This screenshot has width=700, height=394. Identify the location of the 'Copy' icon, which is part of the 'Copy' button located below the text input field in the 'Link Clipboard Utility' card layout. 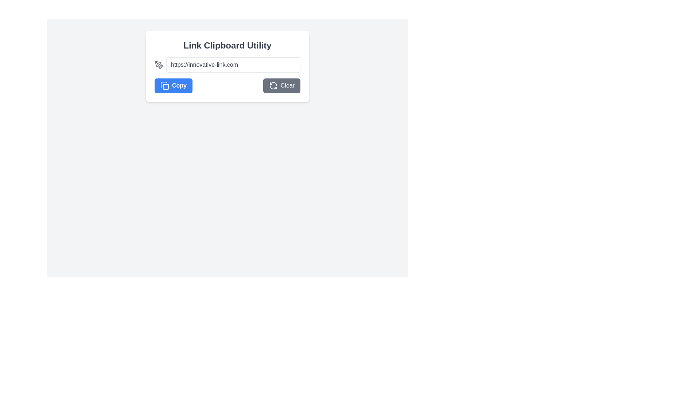
(163, 84).